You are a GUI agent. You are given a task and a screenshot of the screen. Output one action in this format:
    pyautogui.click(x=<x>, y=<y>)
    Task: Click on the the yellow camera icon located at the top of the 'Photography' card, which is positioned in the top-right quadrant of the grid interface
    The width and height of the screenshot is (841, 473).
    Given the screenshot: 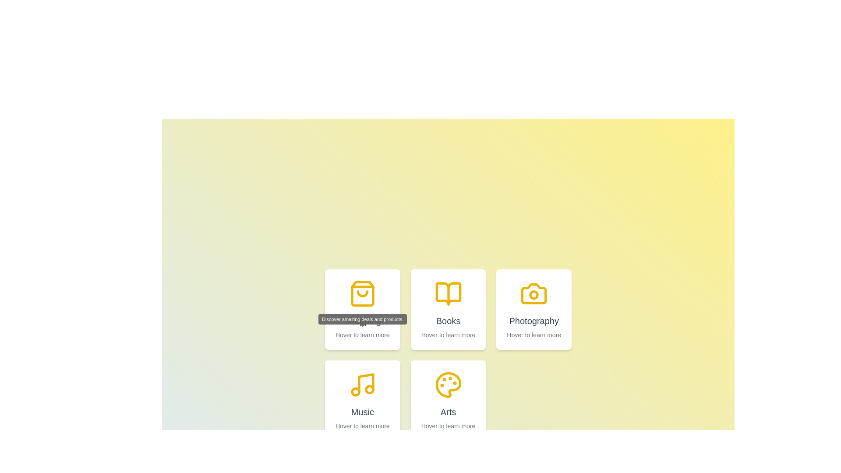 What is the action you would take?
    pyautogui.click(x=534, y=294)
    